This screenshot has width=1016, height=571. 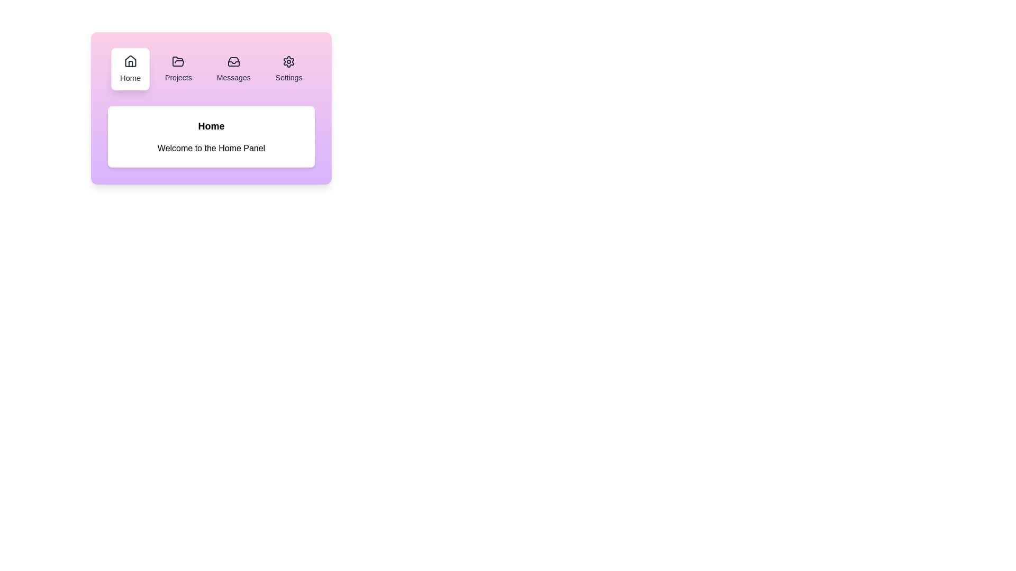 What do you see at coordinates (233, 69) in the screenshot?
I see `the 'Messages' button in the horizontal navigation menu to activate the hover effect` at bounding box center [233, 69].